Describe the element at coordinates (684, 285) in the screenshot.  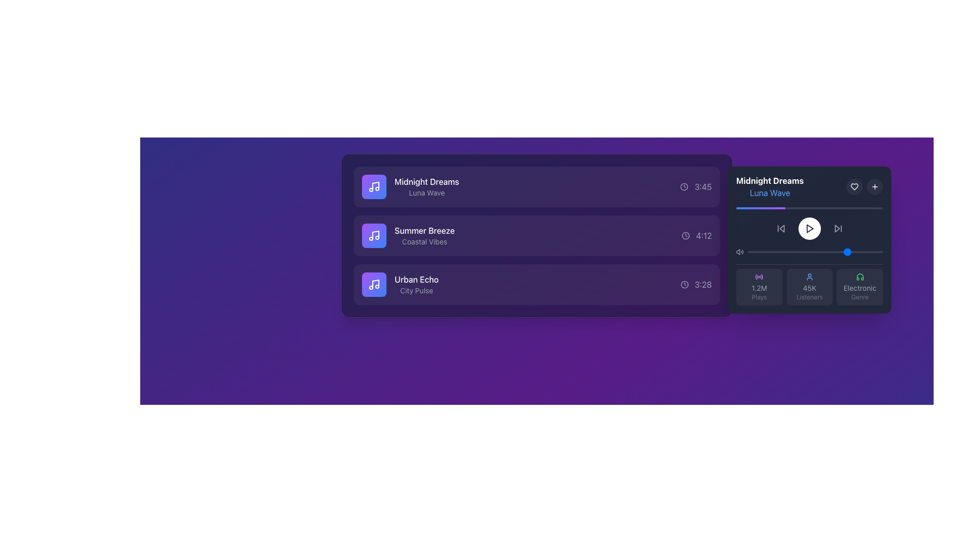
I see `the circular outline icon representing the clock in the music track list` at that location.